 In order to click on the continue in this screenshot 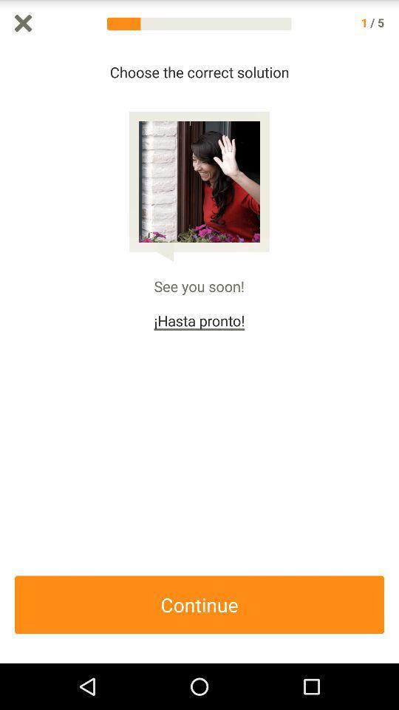, I will do `click(199, 604)`.